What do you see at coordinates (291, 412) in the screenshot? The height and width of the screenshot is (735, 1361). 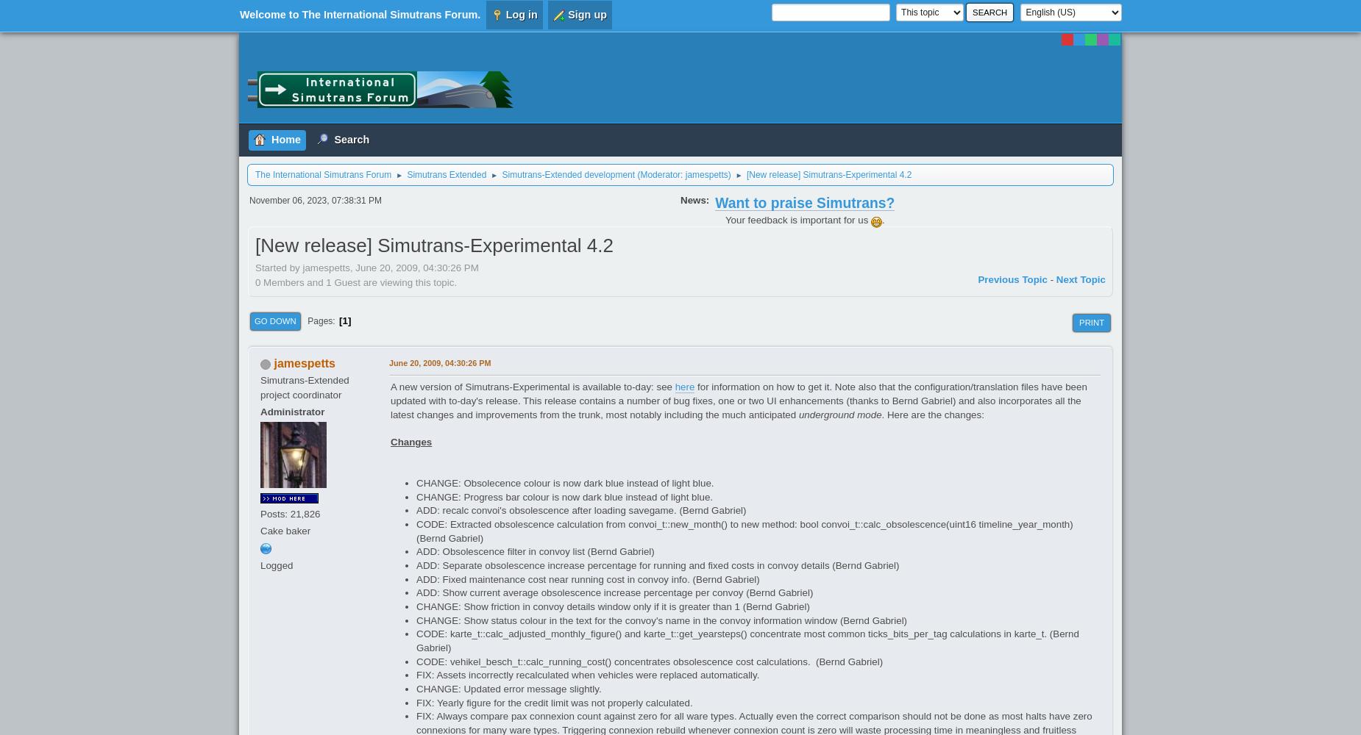 I see `'Administrator'` at bounding box center [291, 412].